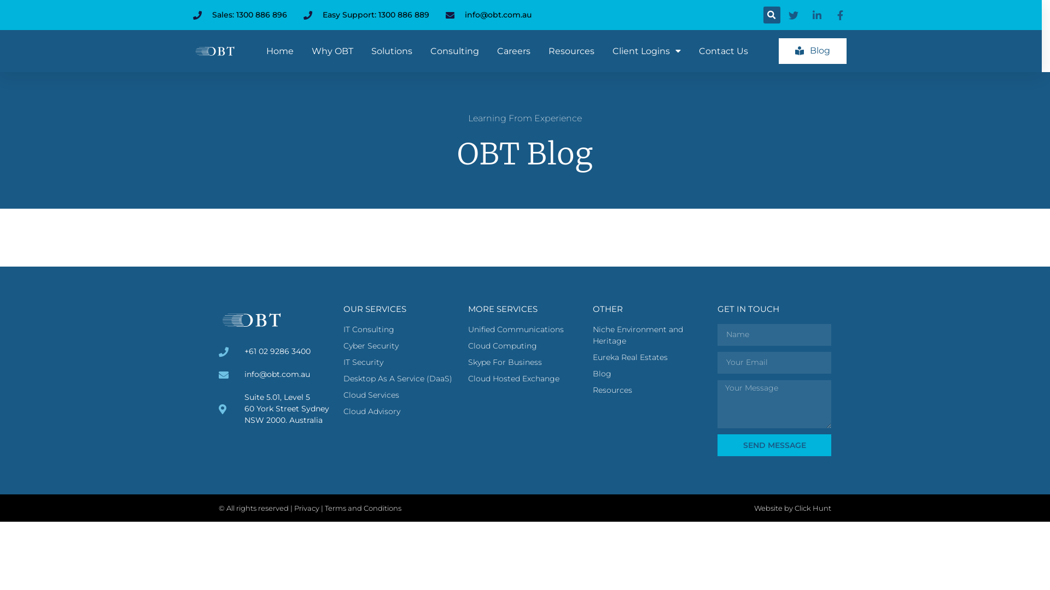 The width and height of the screenshot is (1050, 590). What do you see at coordinates (392, 50) in the screenshot?
I see `'Solutions'` at bounding box center [392, 50].